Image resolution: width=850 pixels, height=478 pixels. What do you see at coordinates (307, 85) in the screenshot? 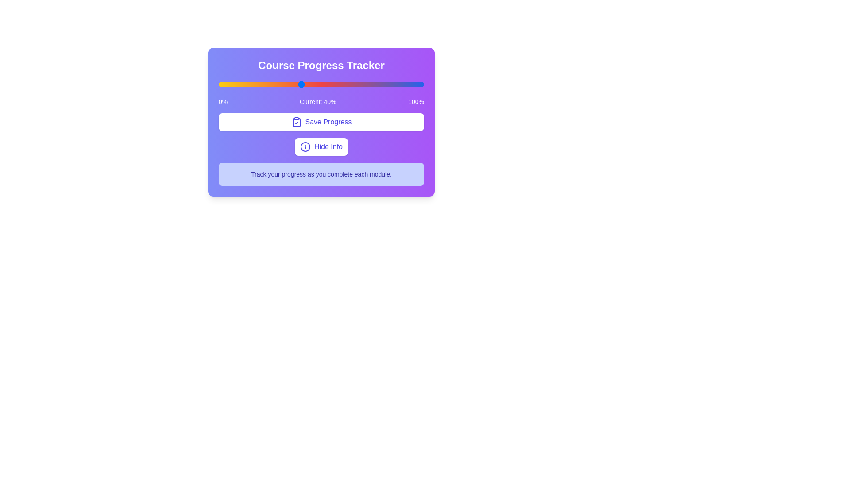
I see `progress percentage` at bounding box center [307, 85].